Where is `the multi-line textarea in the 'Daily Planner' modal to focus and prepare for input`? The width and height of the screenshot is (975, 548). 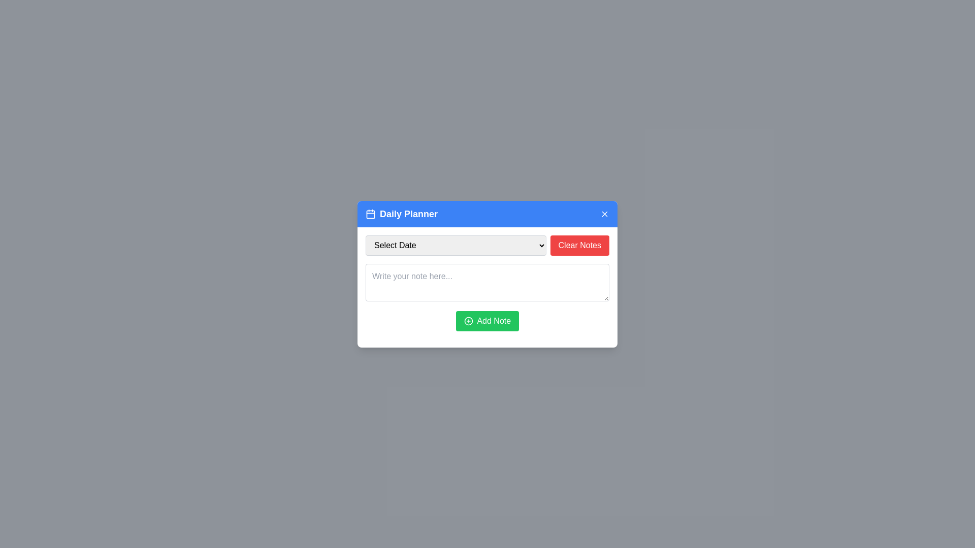
the multi-line textarea in the 'Daily Planner' modal to focus and prepare for input is located at coordinates (487, 287).